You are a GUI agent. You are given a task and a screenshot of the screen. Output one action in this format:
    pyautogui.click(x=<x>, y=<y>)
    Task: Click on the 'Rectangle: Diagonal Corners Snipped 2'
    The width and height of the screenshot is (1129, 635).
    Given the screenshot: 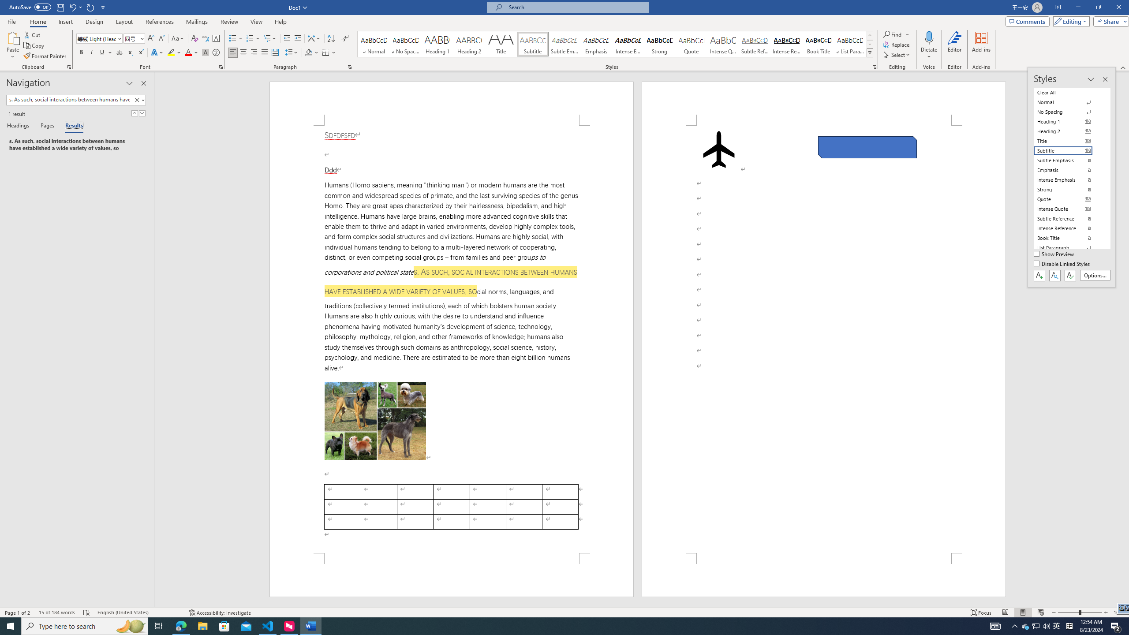 What is the action you would take?
    pyautogui.click(x=867, y=147)
    